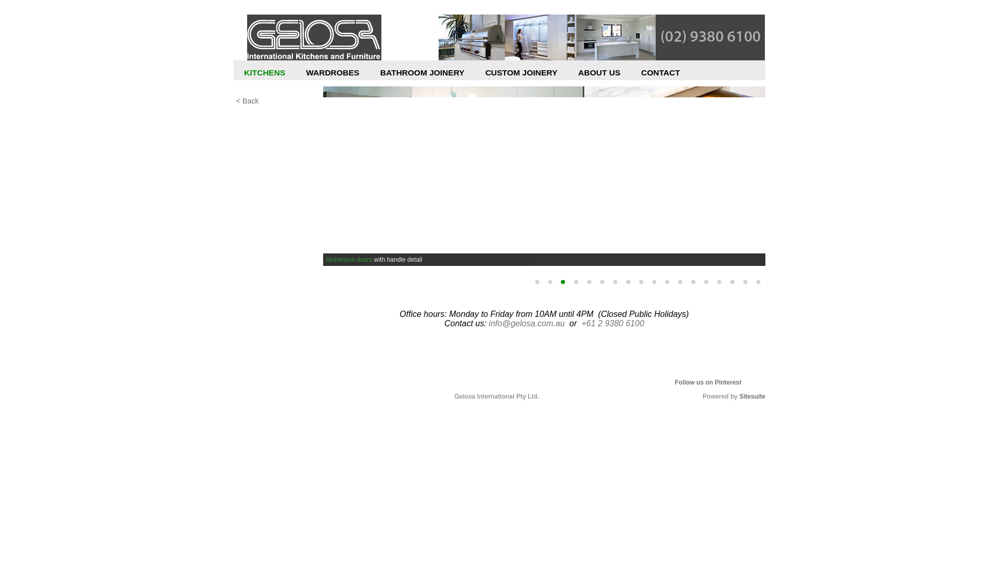 Image resolution: width=999 pixels, height=562 pixels. Describe the element at coordinates (601, 282) in the screenshot. I see `'6'` at that location.